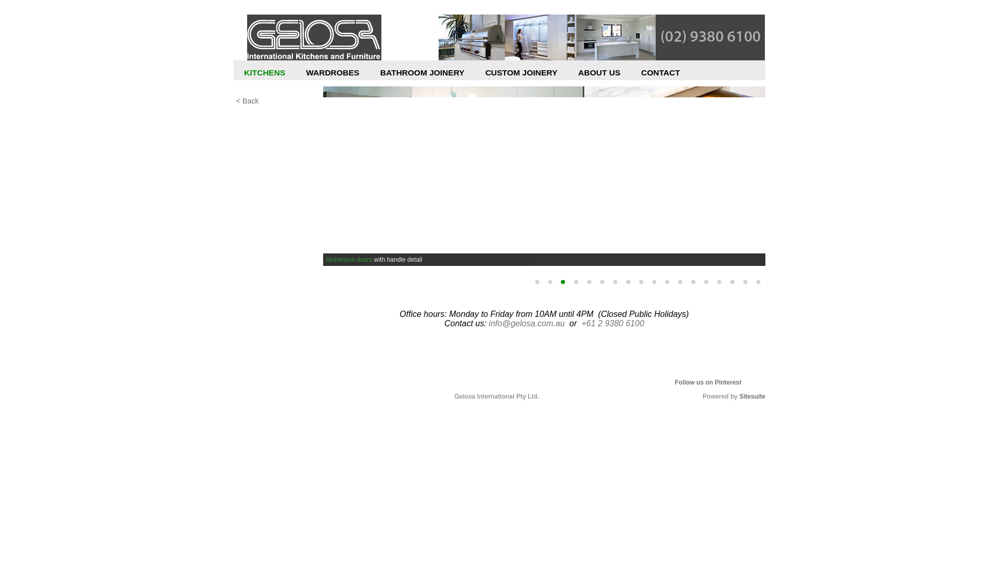 Image resolution: width=999 pixels, height=562 pixels. Describe the element at coordinates (601, 282) in the screenshot. I see `'6'` at that location.